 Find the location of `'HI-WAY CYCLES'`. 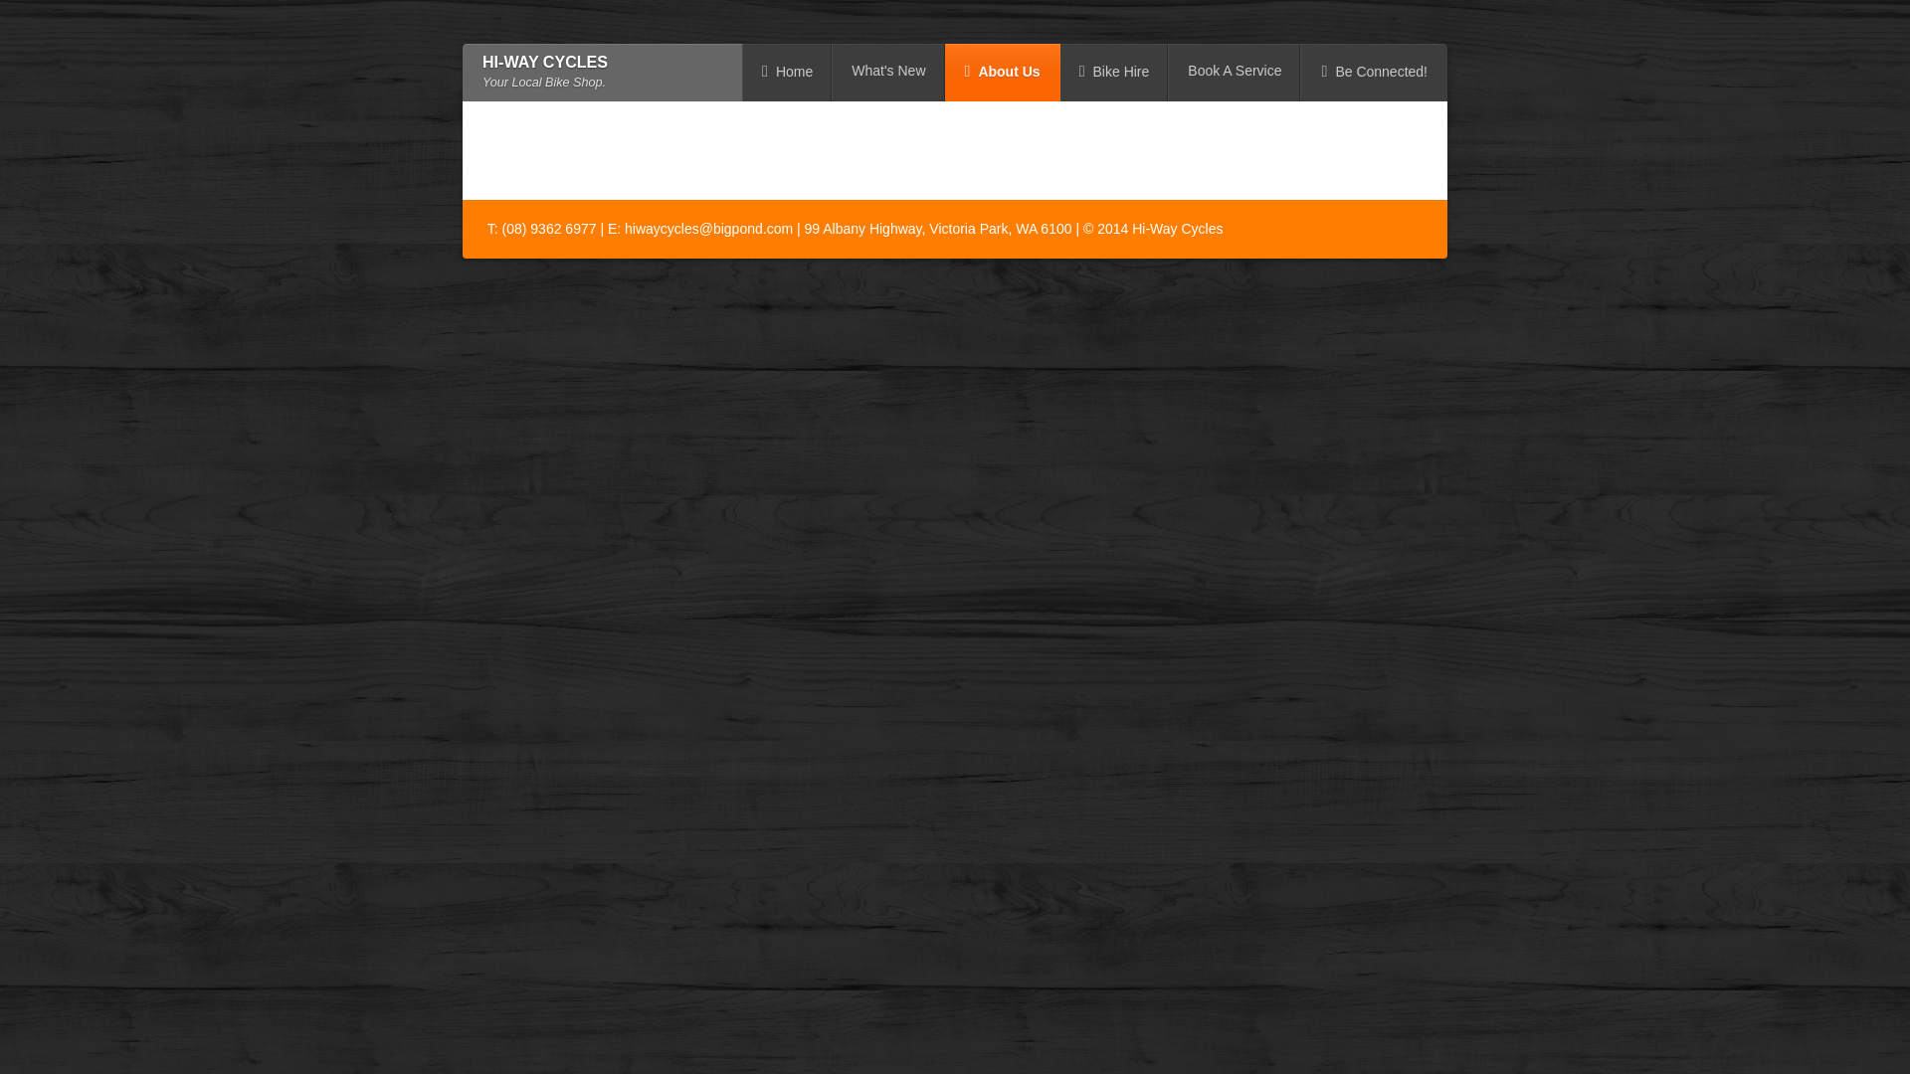

'HI-WAY CYCLES' is located at coordinates (544, 61).